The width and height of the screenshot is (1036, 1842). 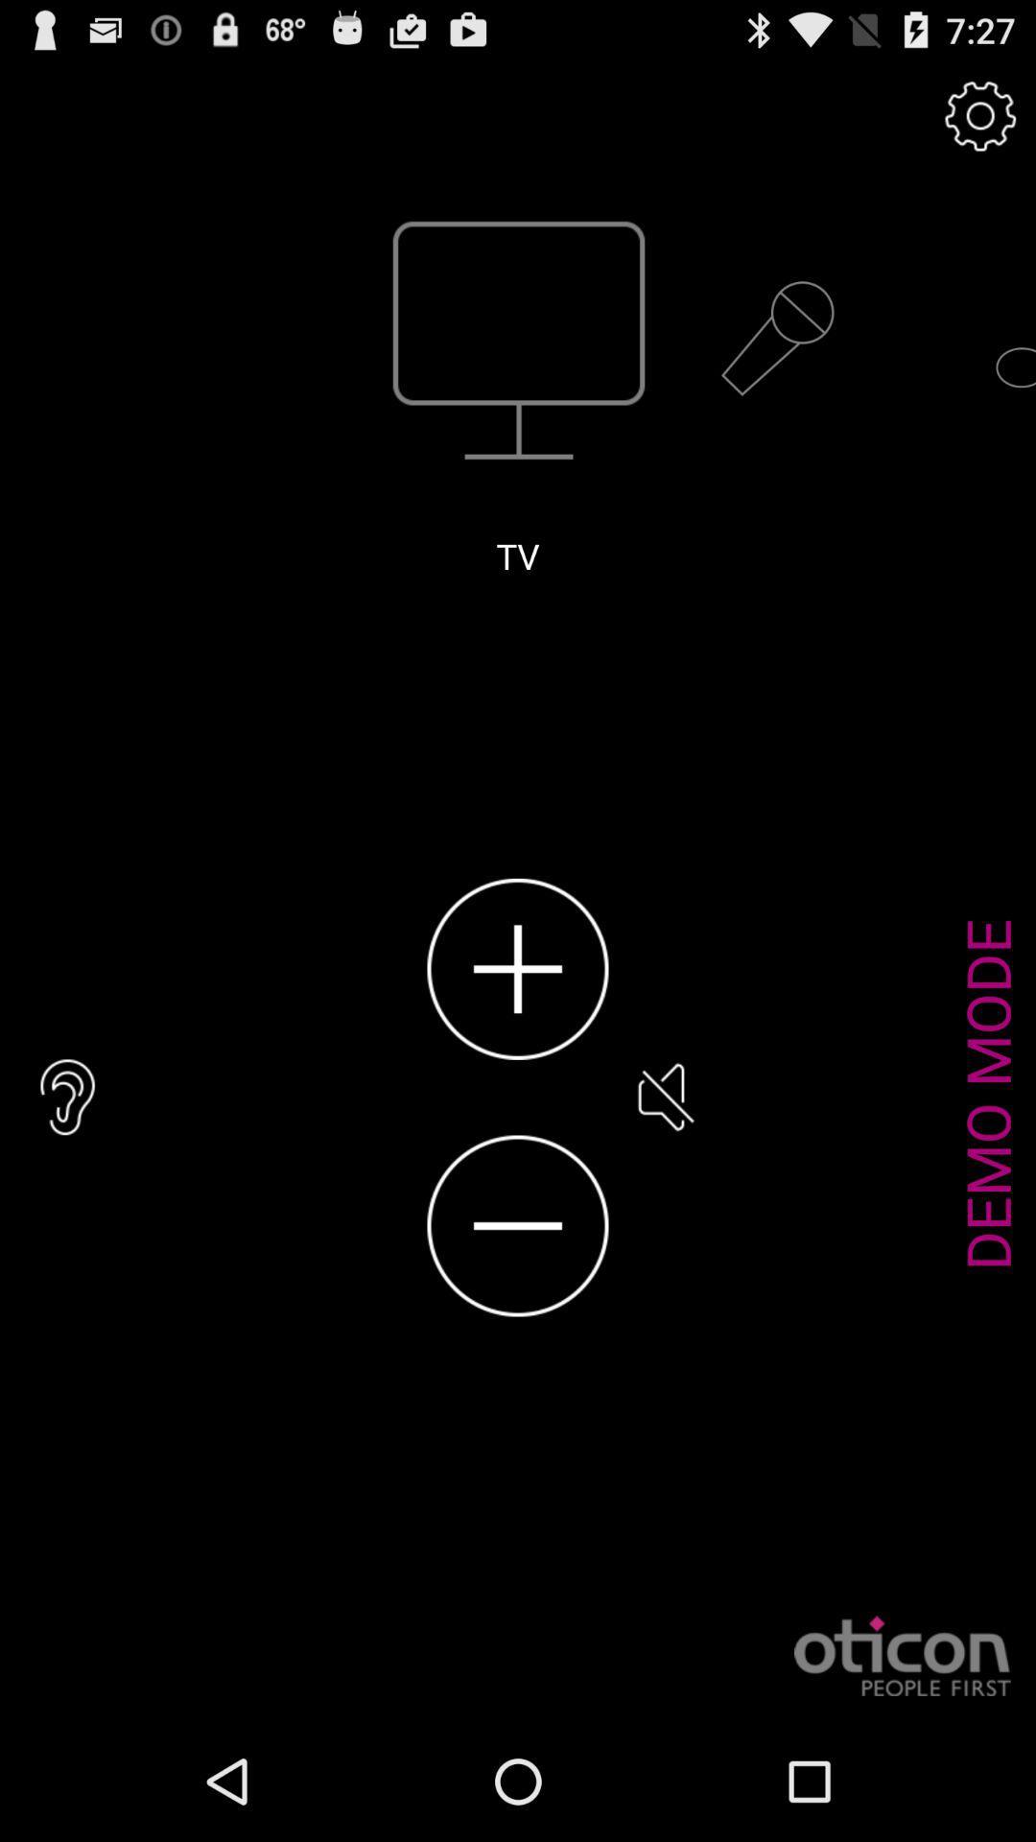 What do you see at coordinates (663, 1097) in the screenshot?
I see `the item next to the demo mode` at bounding box center [663, 1097].